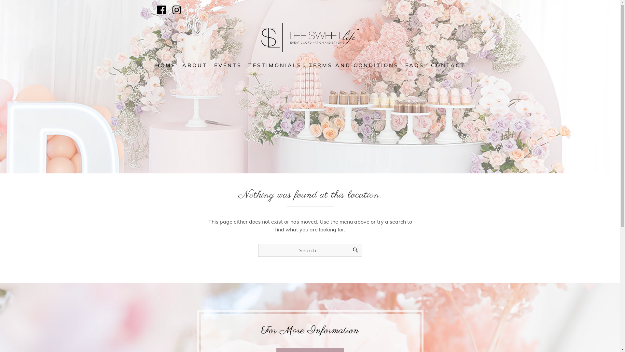  Describe the element at coordinates (414, 65) in the screenshot. I see `'FAQS'` at that location.